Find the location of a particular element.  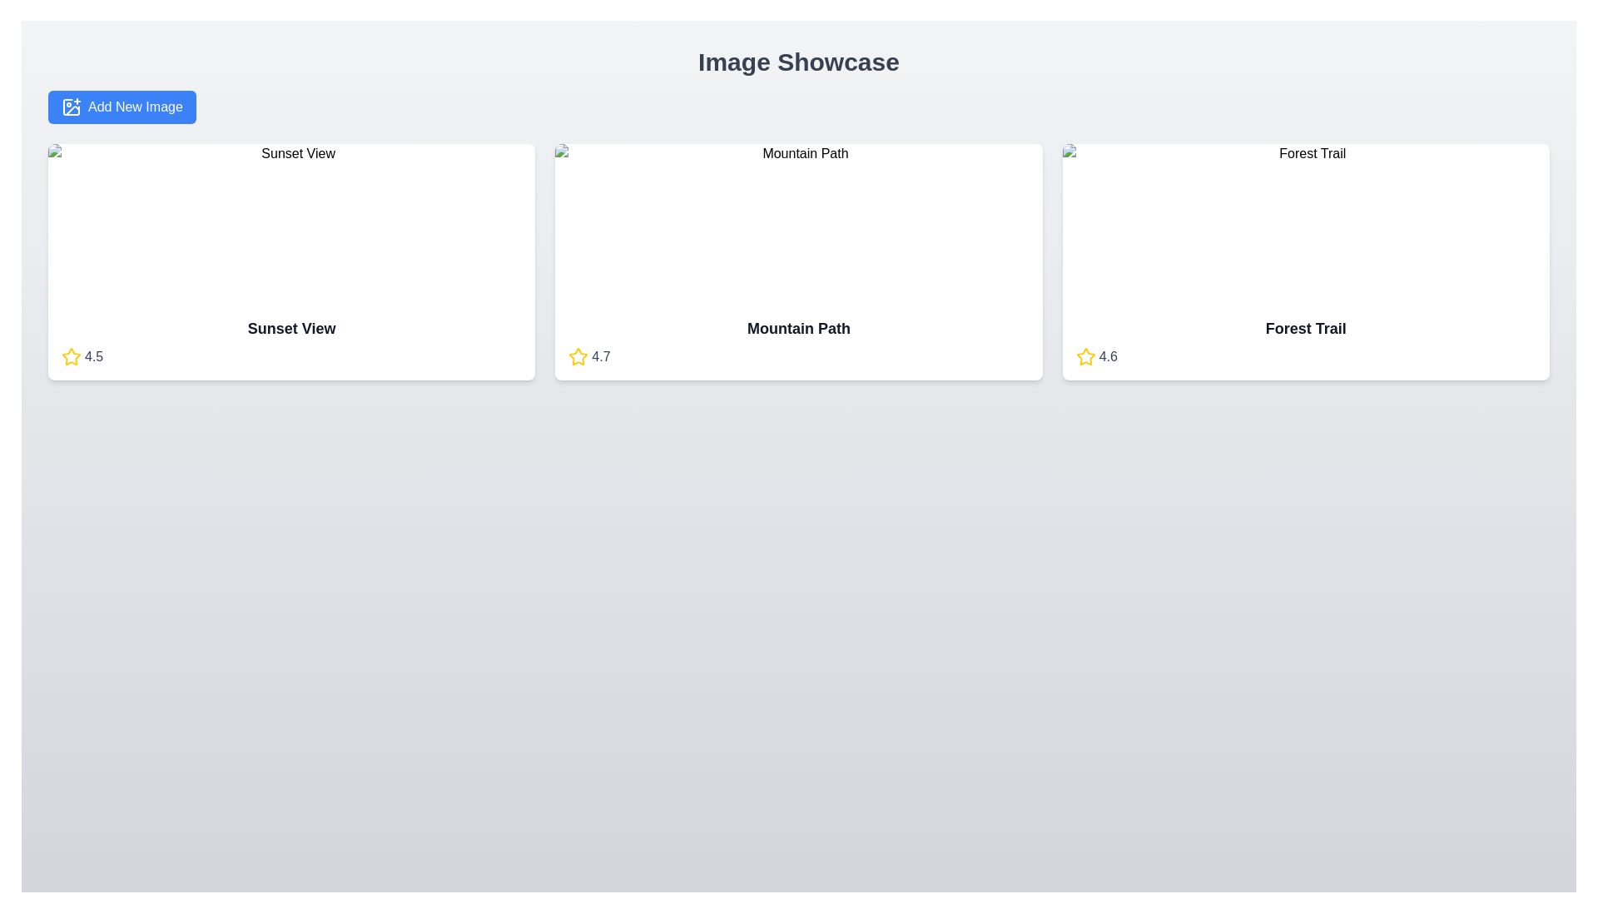

the 'Forest Trail' text block with a rating of 4.6 and a yellow star icon, located in the bottom section of the rightmost card is located at coordinates (1305, 341).